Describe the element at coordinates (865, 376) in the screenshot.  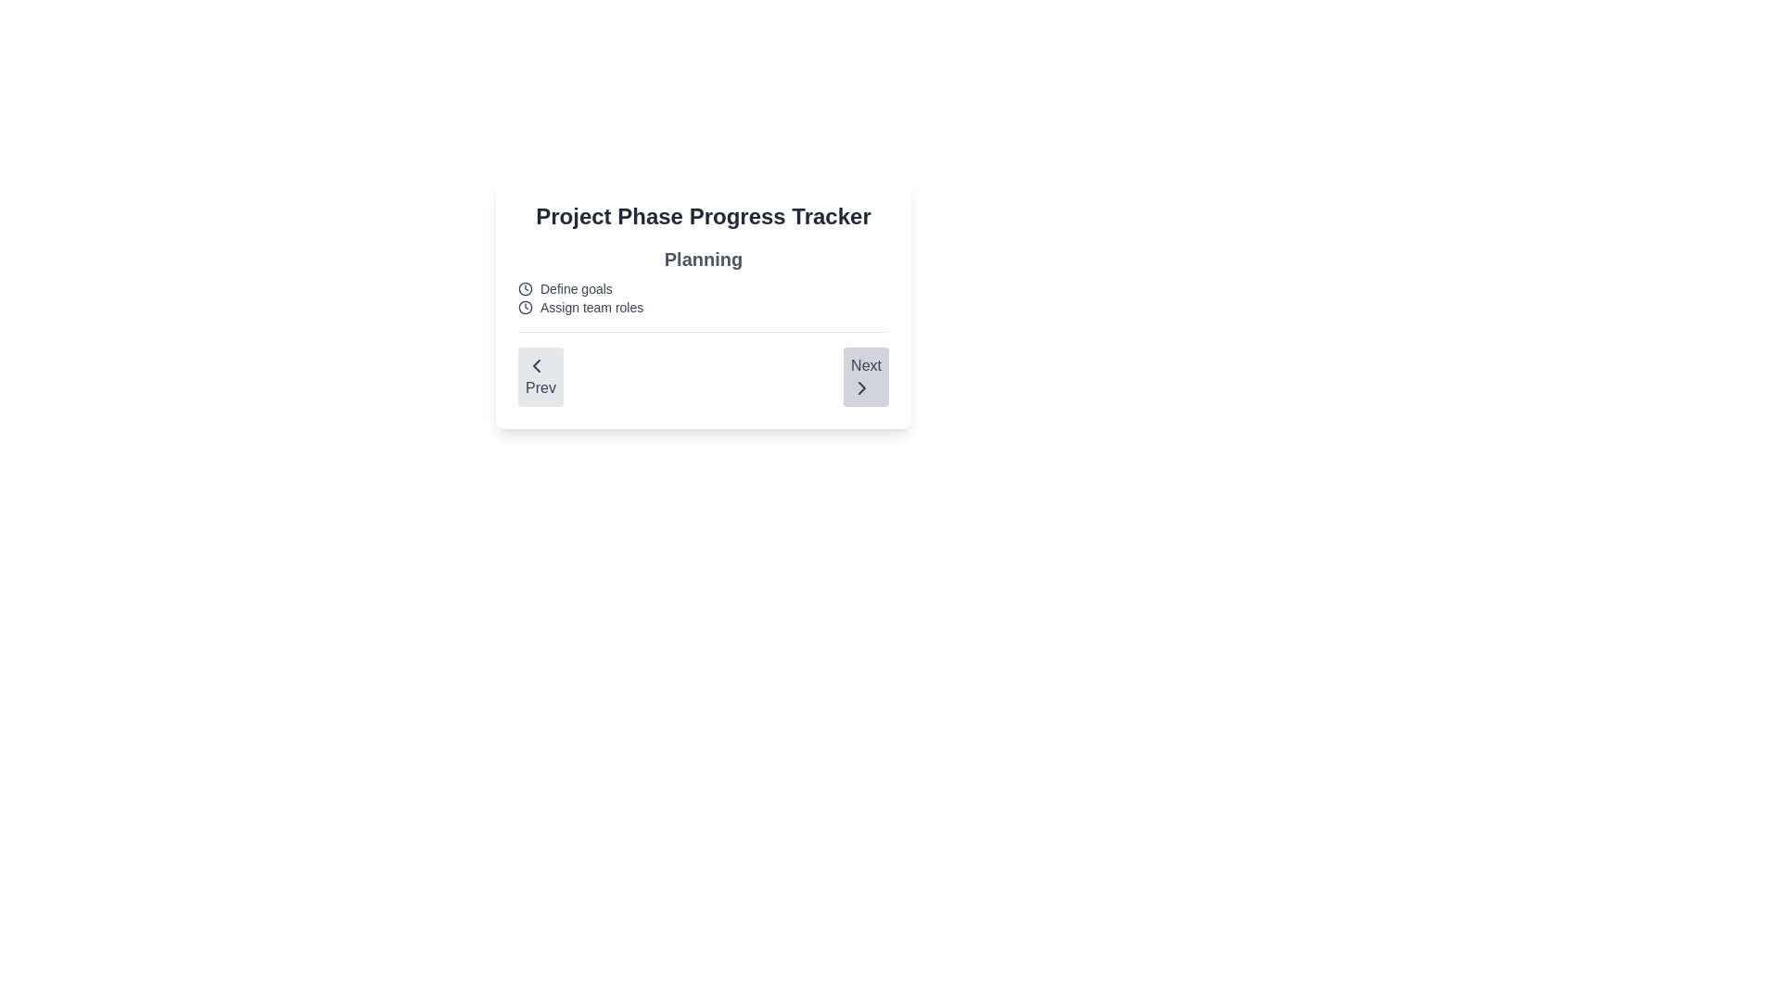
I see `'Next' button to navigate to the next phase` at that location.